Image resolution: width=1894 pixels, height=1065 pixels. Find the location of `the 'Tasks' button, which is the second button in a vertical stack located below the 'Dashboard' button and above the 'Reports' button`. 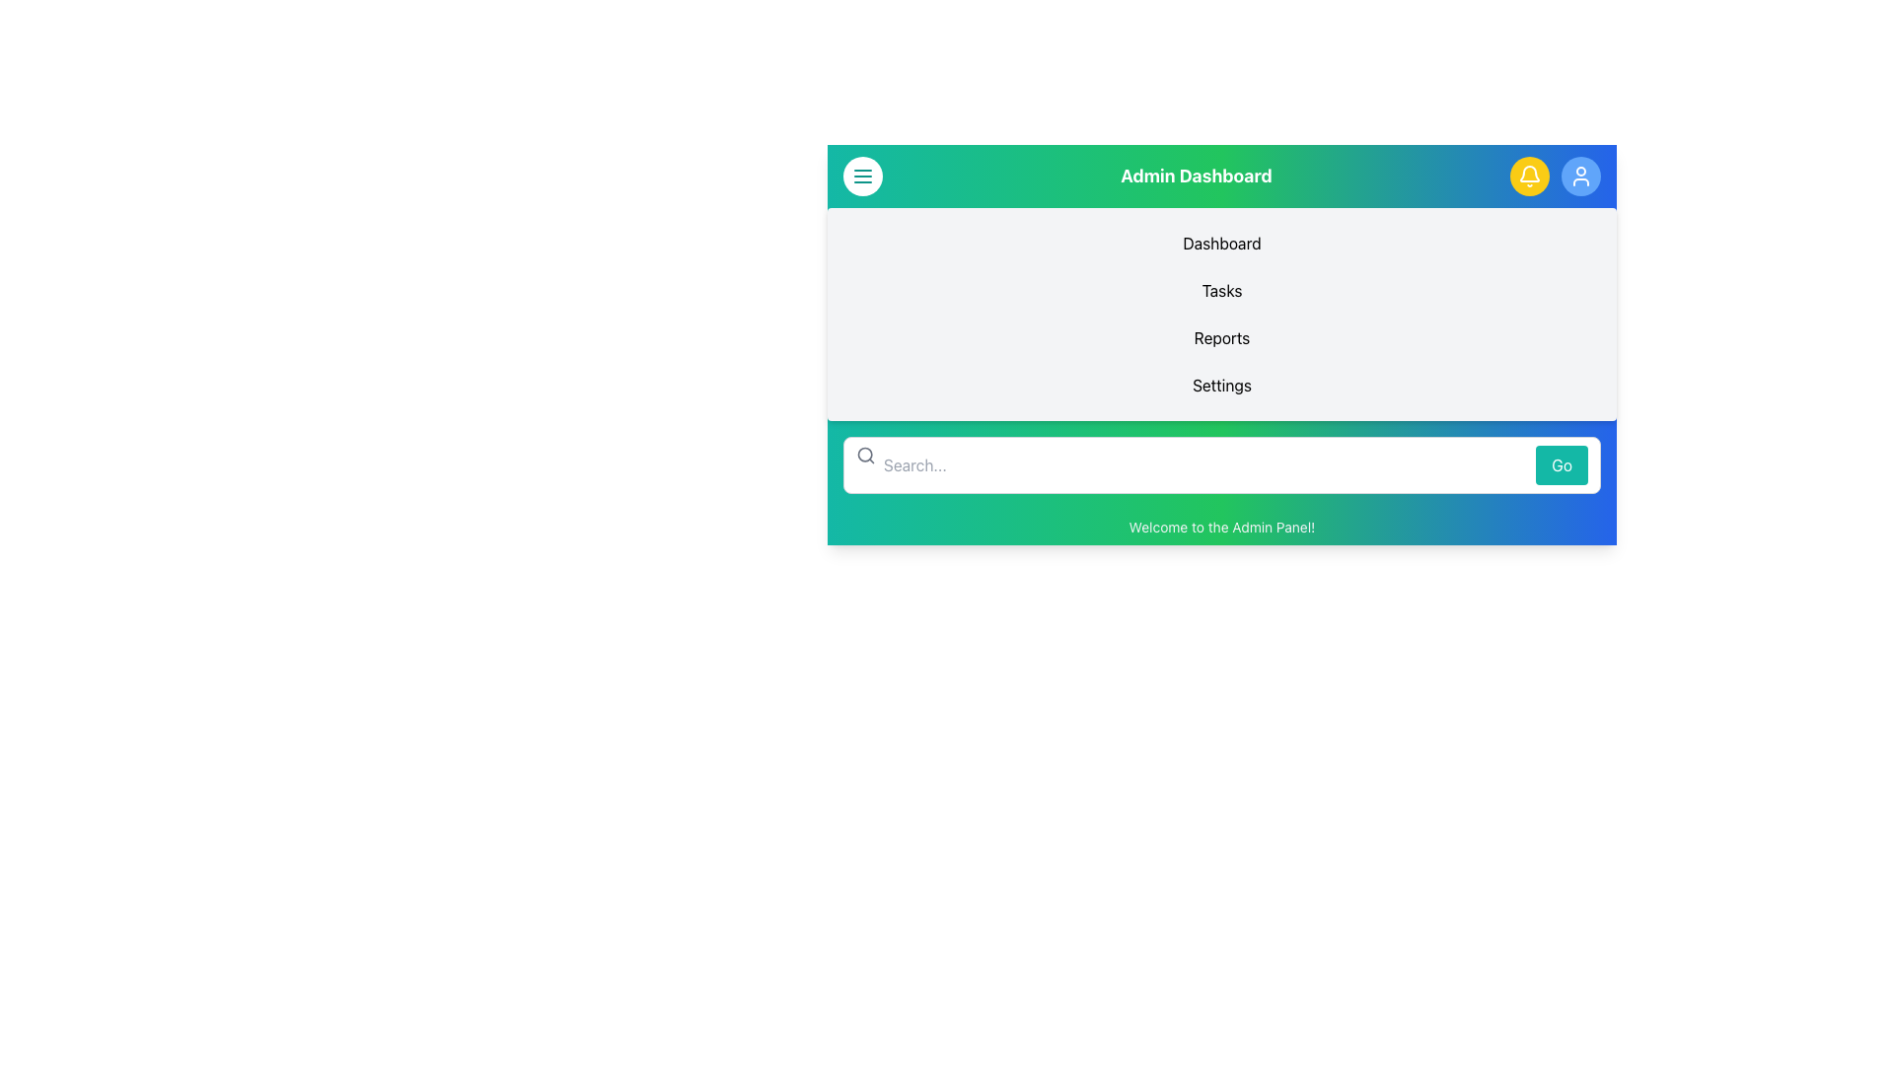

the 'Tasks' button, which is the second button in a vertical stack located below the 'Dashboard' button and above the 'Reports' button is located at coordinates (1220, 290).